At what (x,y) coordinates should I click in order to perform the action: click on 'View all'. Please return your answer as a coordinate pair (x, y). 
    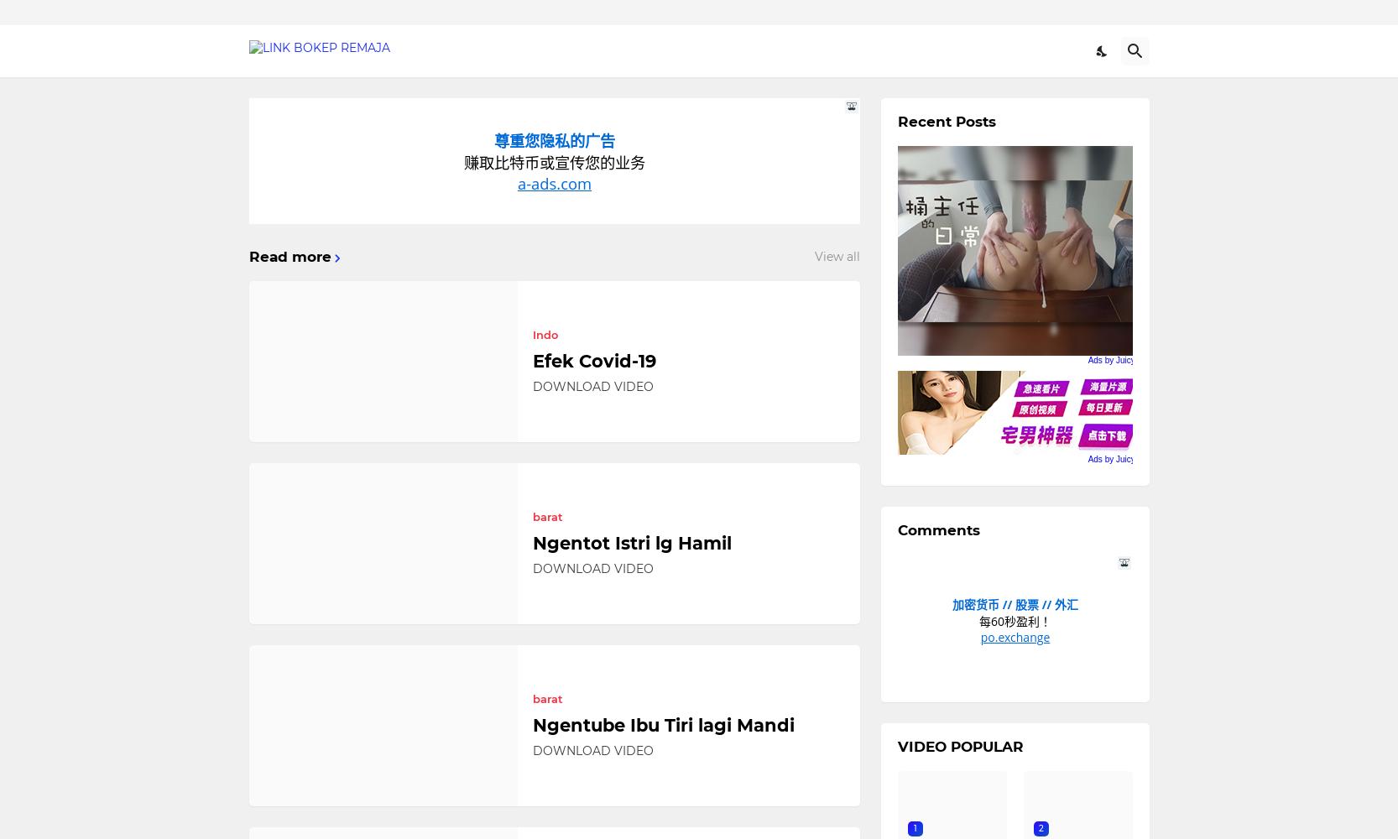
    Looking at the image, I should click on (836, 257).